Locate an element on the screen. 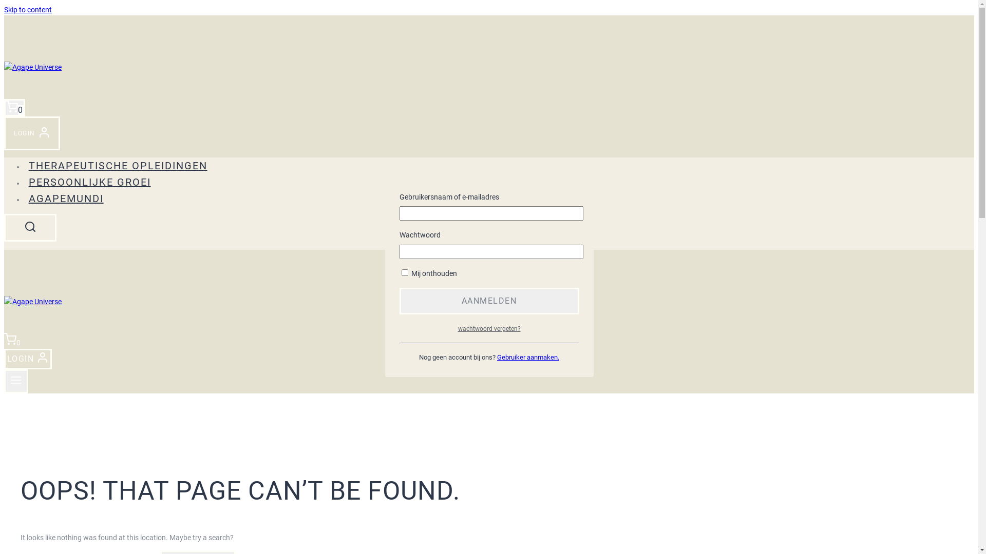 This screenshot has width=986, height=554. 'Gebruiker aanmaken.' is located at coordinates (528, 357).